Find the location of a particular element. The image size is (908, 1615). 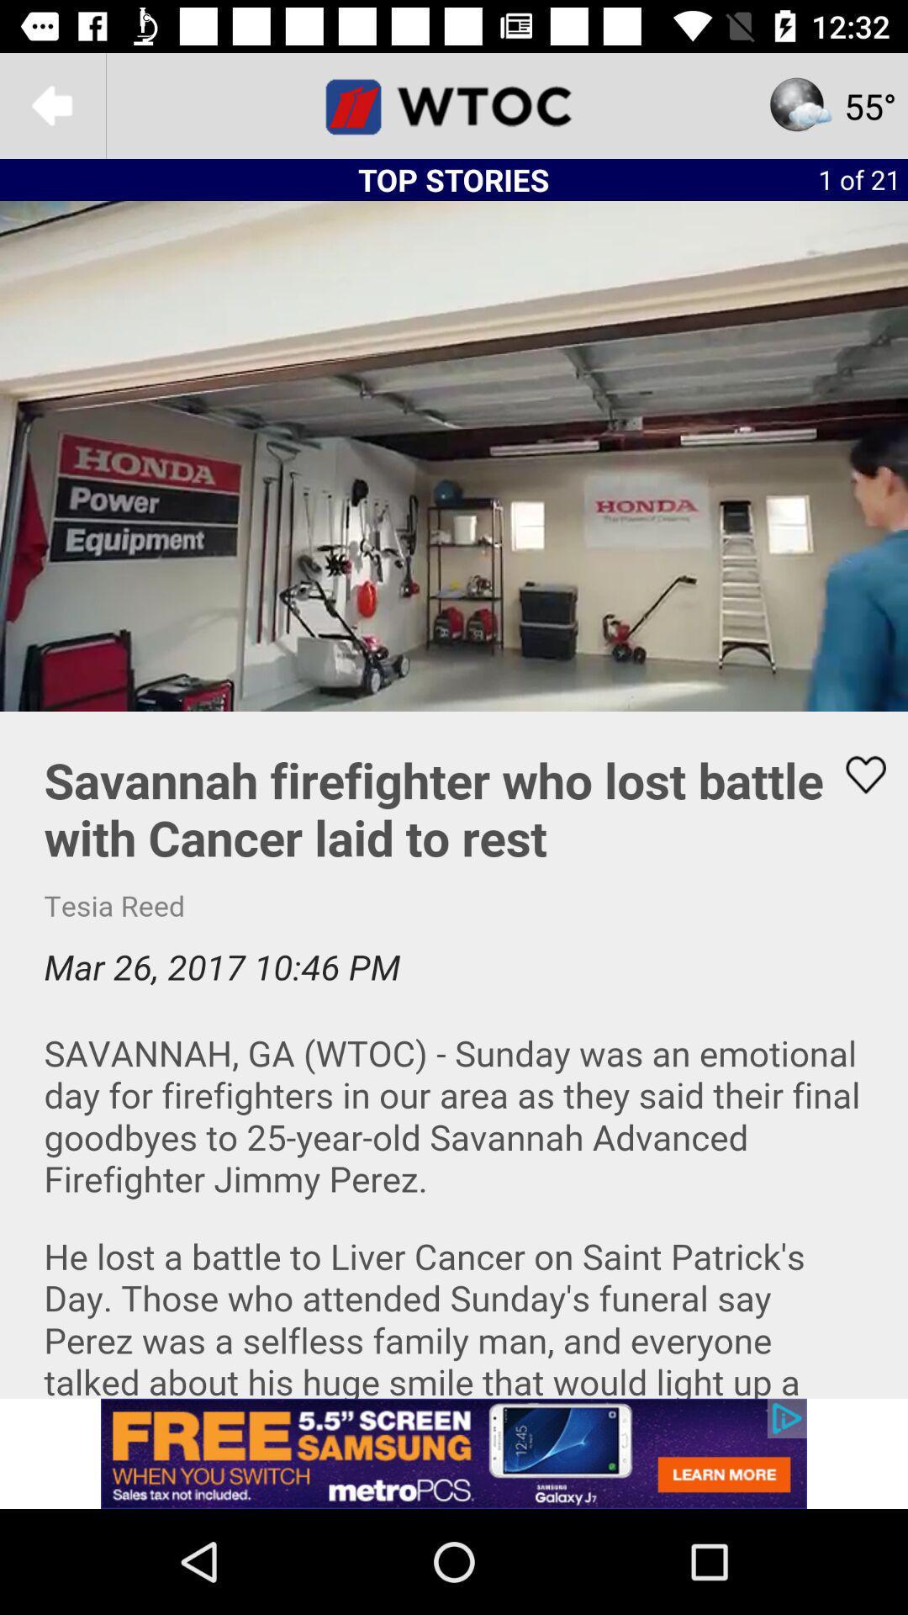

likes is located at coordinates (855, 774).